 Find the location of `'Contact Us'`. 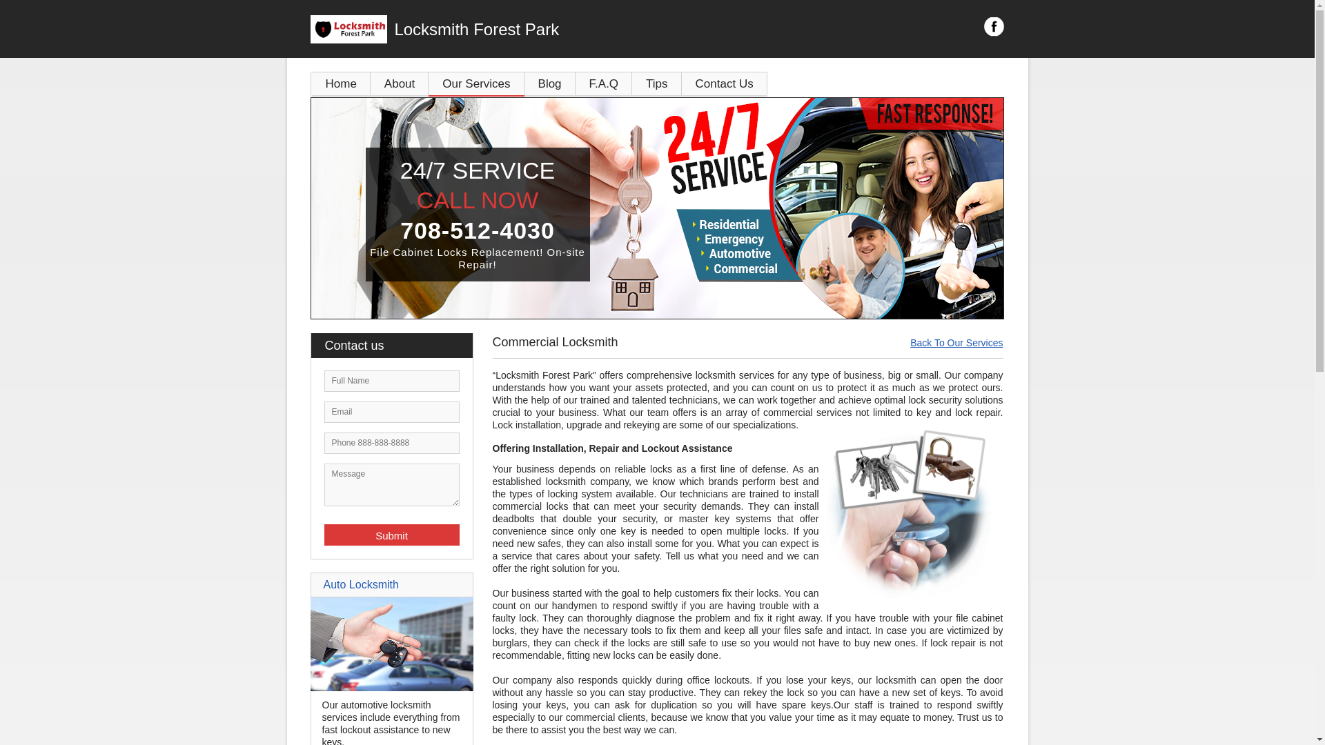

'Contact Us' is located at coordinates (724, 83).